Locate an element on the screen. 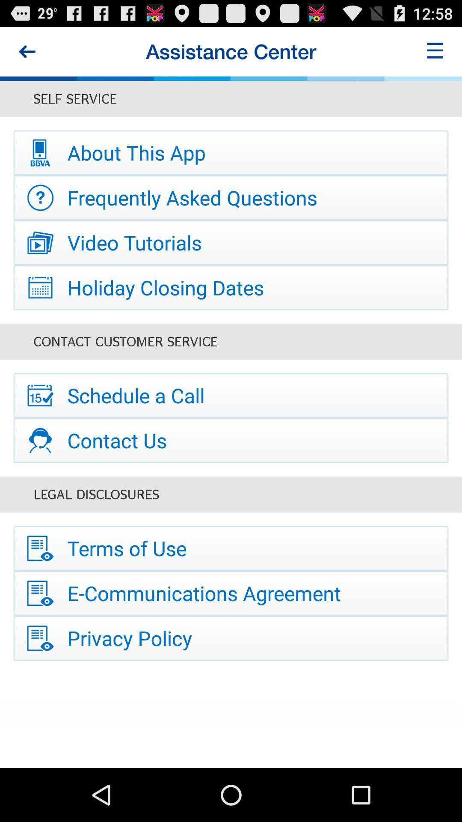 The width and height of the screenshot is (462, 822). the item to the left of assistance center item is located at coordinates (26, 51).